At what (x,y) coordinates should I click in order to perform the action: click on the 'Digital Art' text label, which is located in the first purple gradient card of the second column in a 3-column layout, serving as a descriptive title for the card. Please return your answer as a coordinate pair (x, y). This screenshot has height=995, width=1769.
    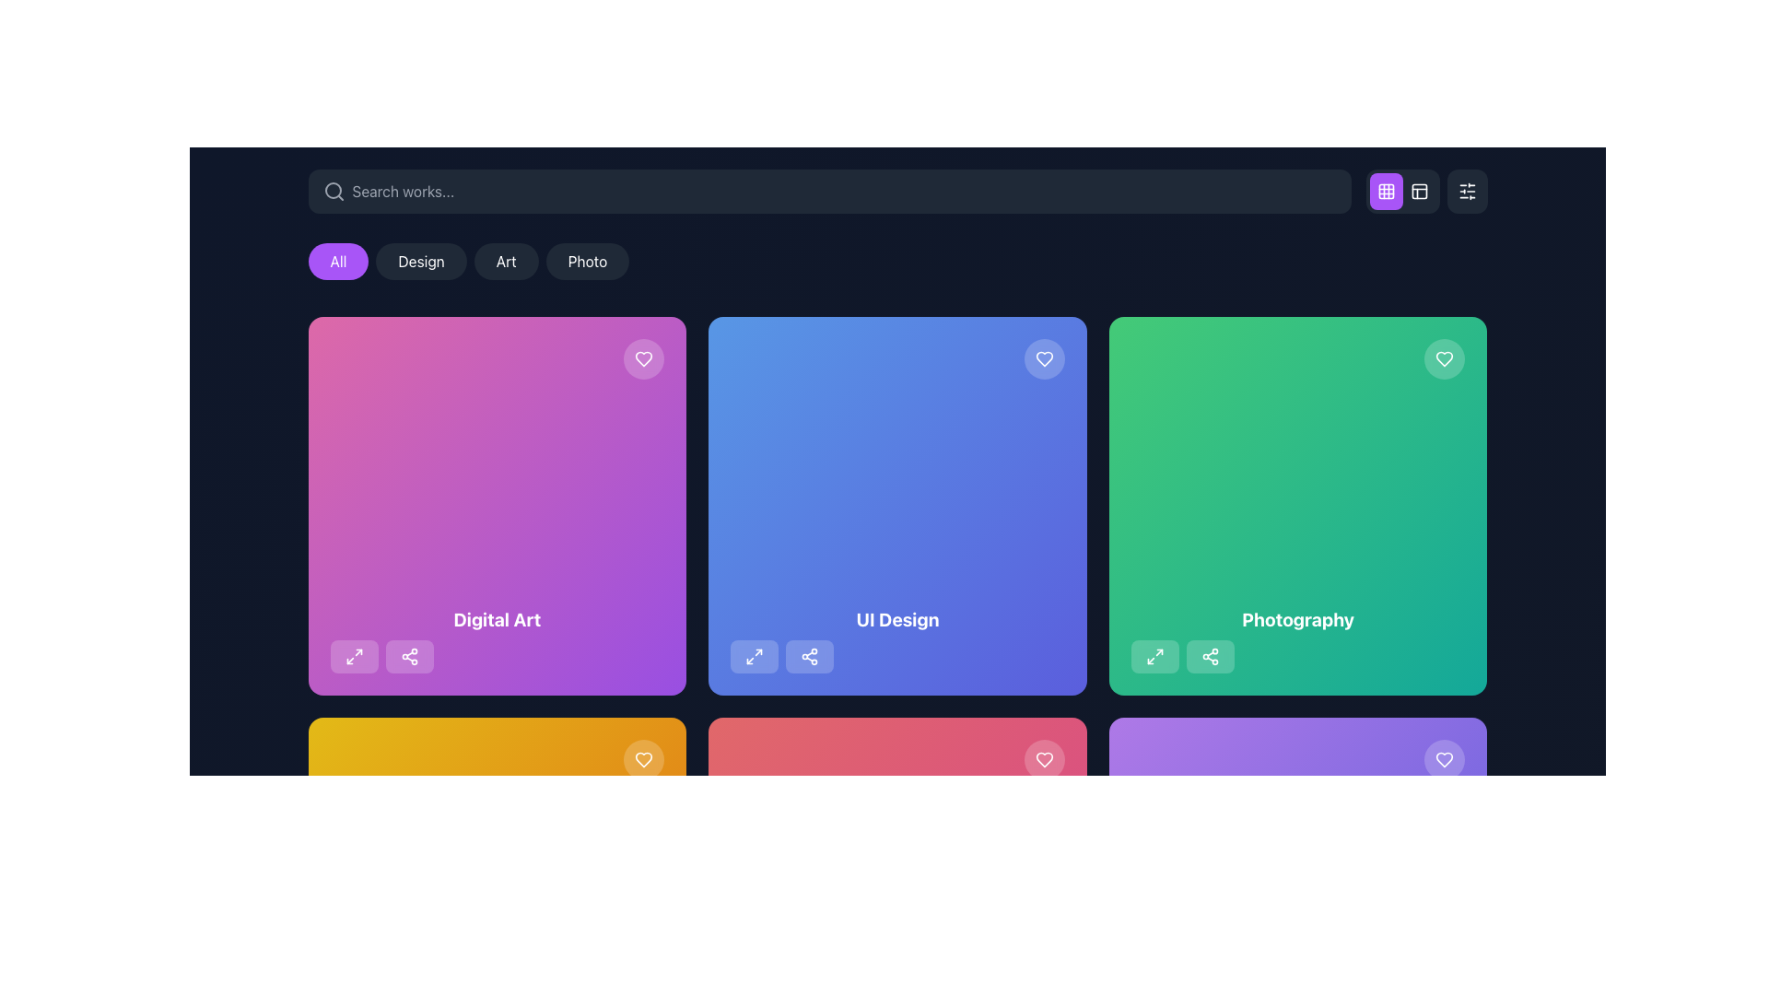
    Looking at the image, I should click on (497, 619).